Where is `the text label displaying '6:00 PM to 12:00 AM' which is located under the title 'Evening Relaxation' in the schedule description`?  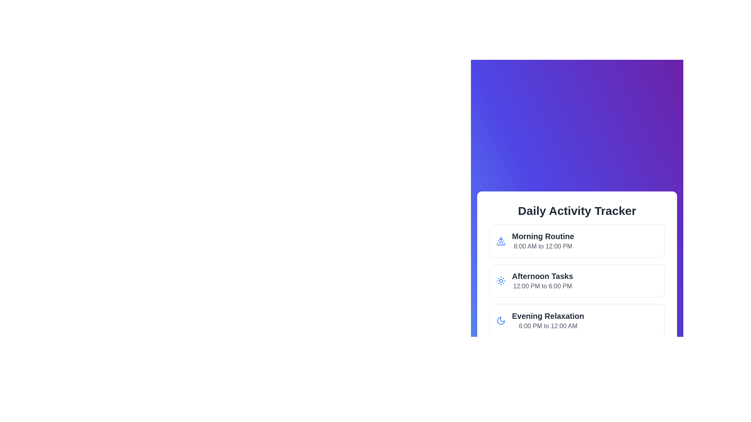
the text label displaying '6:00 PM to 12:00 AM' which is located under the title 'Evening Relaxation' in the schedule description is located at coordinates (548, 326).